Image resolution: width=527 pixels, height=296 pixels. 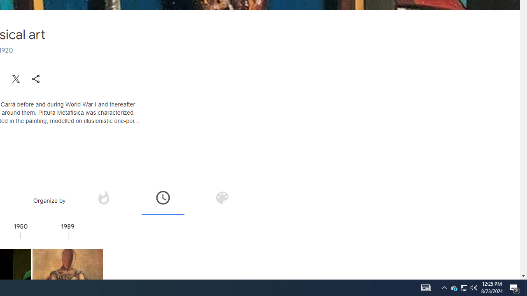 I want to click on 'Organize by color', so click(x=222, y=197).